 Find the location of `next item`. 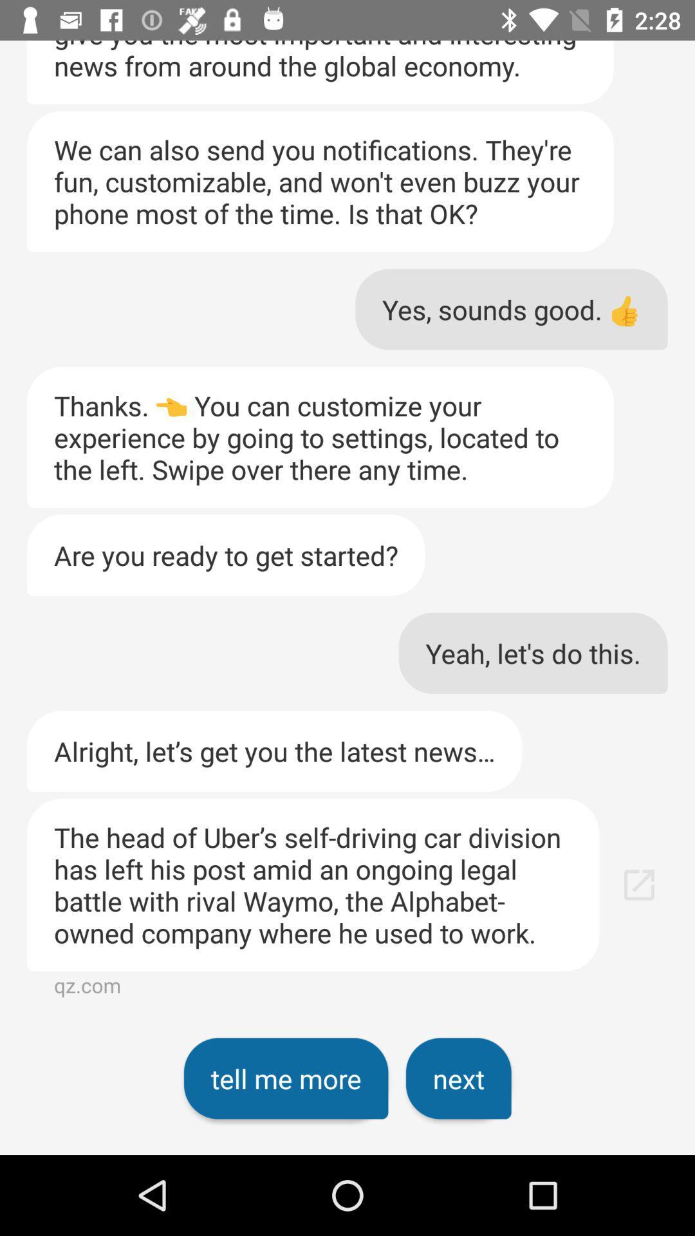

next item is located at coordinates (458, 1078).